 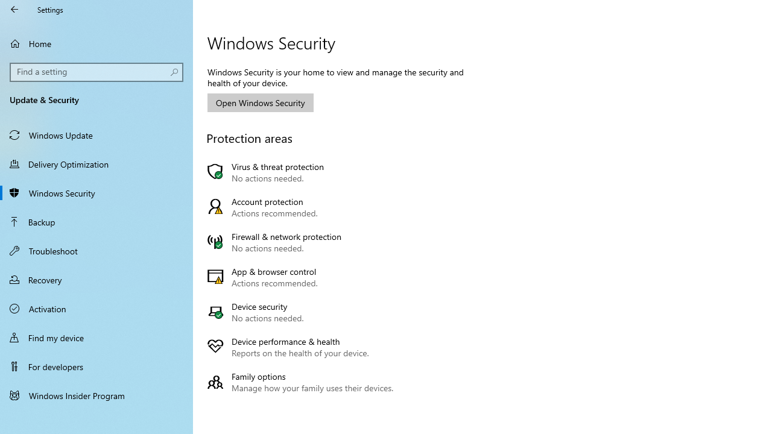 What do you see at coordinates (303, 242) in the screenshot?
I see `'Firewall & network protection No actions needed.'` at bounding box center [303, 242].